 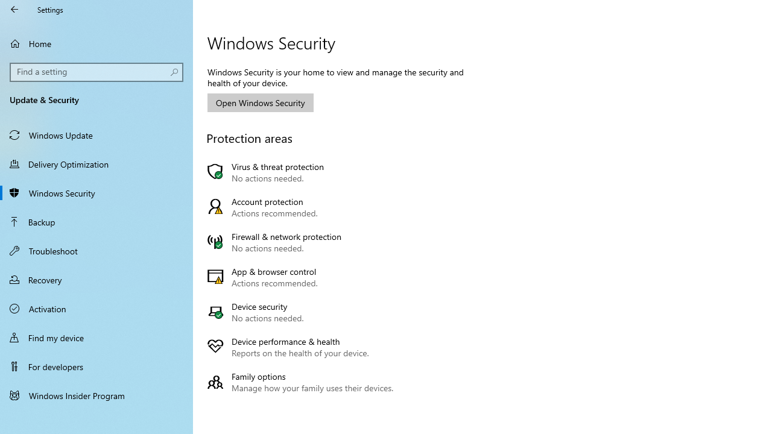 What do you see at coordinates (303, 242) in the screenshot?
I see `'Firewall & network protection No actions needed.'` at bounding box center [303, 242].